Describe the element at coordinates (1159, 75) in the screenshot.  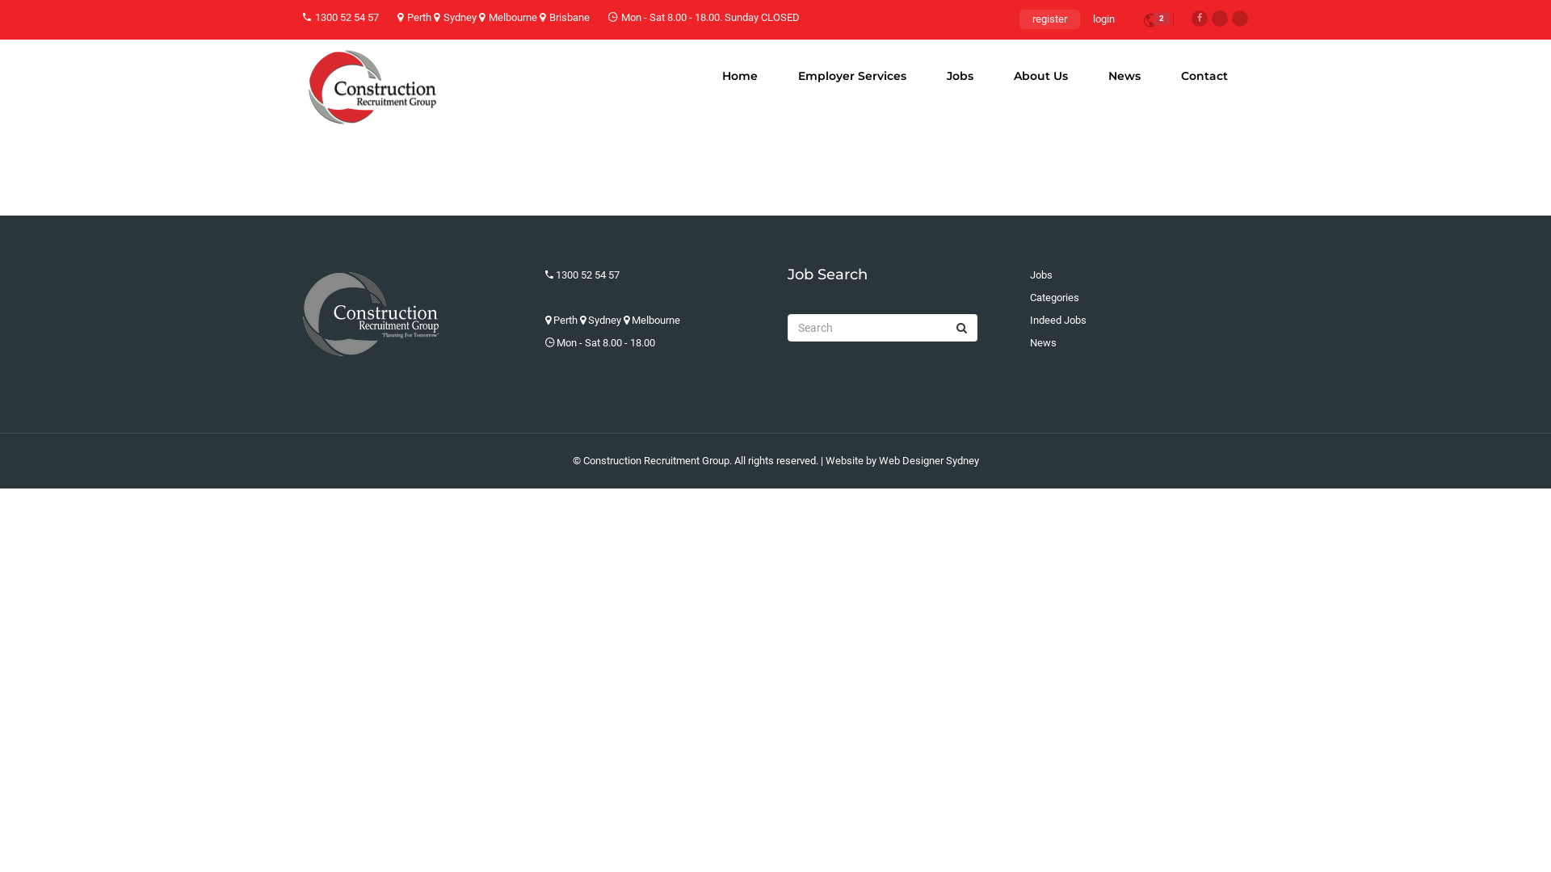
I see `'Contact'` at that location.